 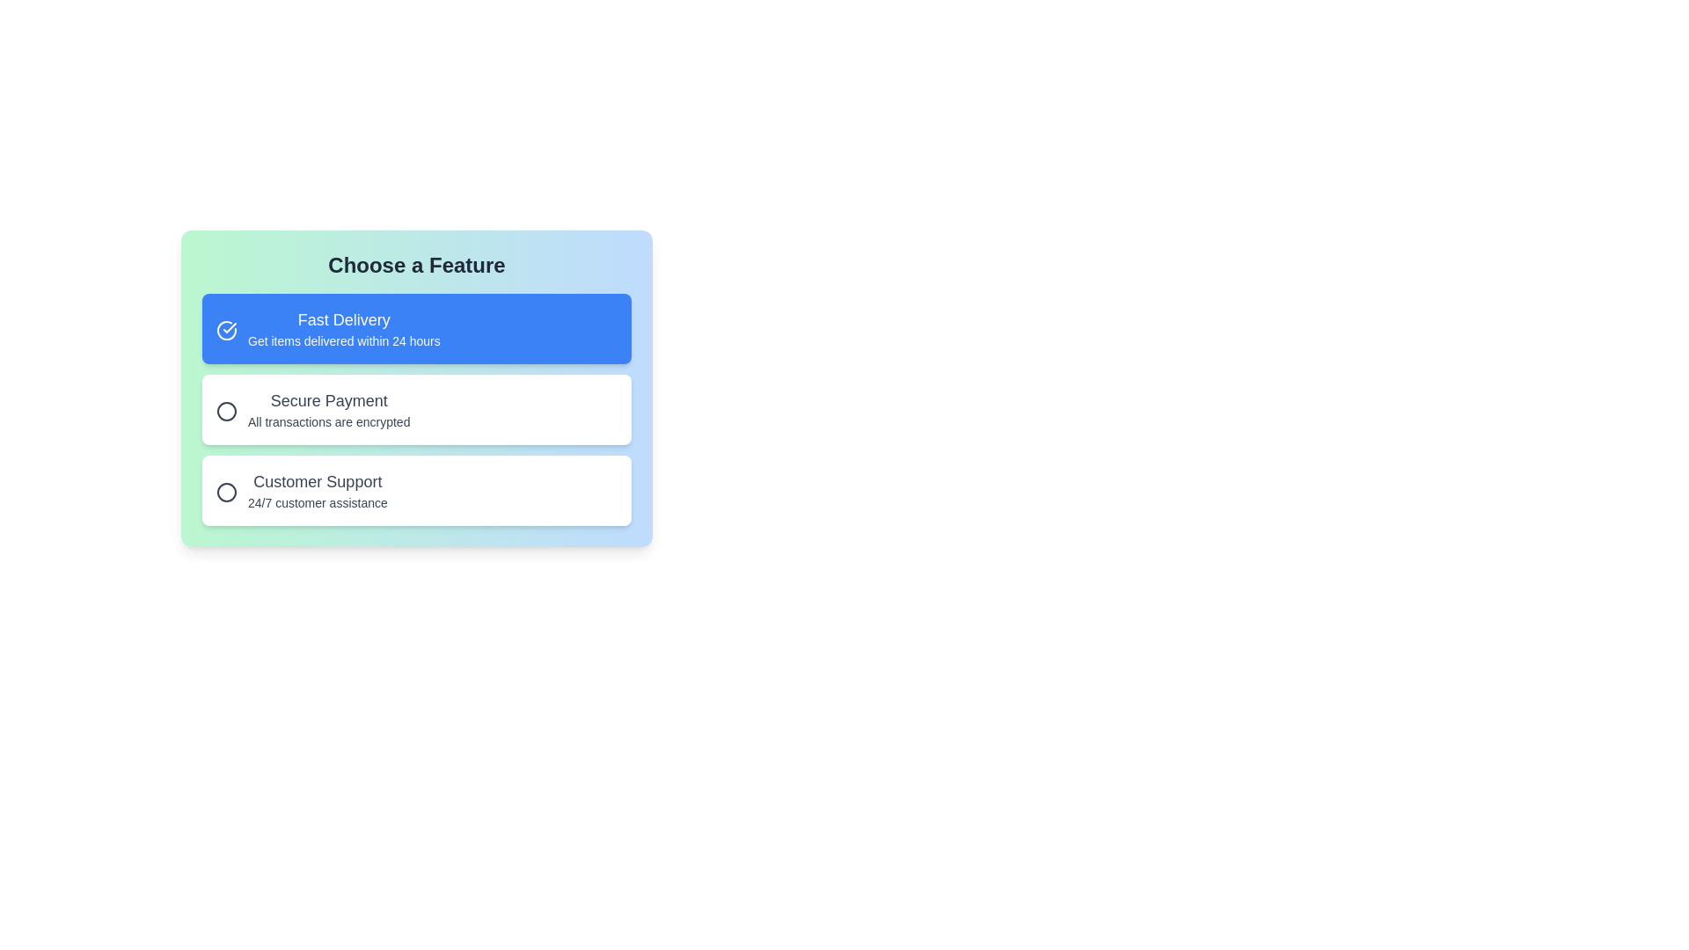 I want to click on the 'Secure Payment' selectable card with a radio button located in the second position of the list under the 'Choose a Feature' header, so click(x=416, y=441).